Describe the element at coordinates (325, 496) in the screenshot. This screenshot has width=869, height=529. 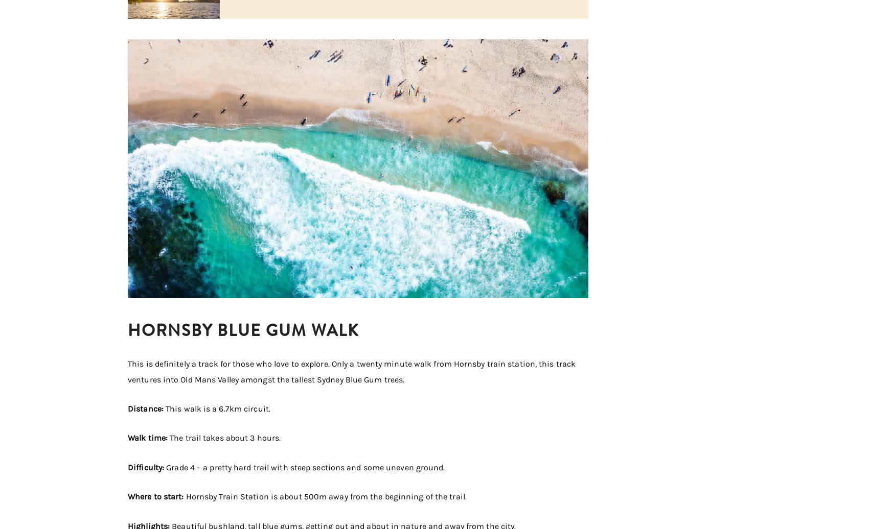
I see `'Hornsby Train Station is about 500m away from the beginning of the trail.'` at that location.